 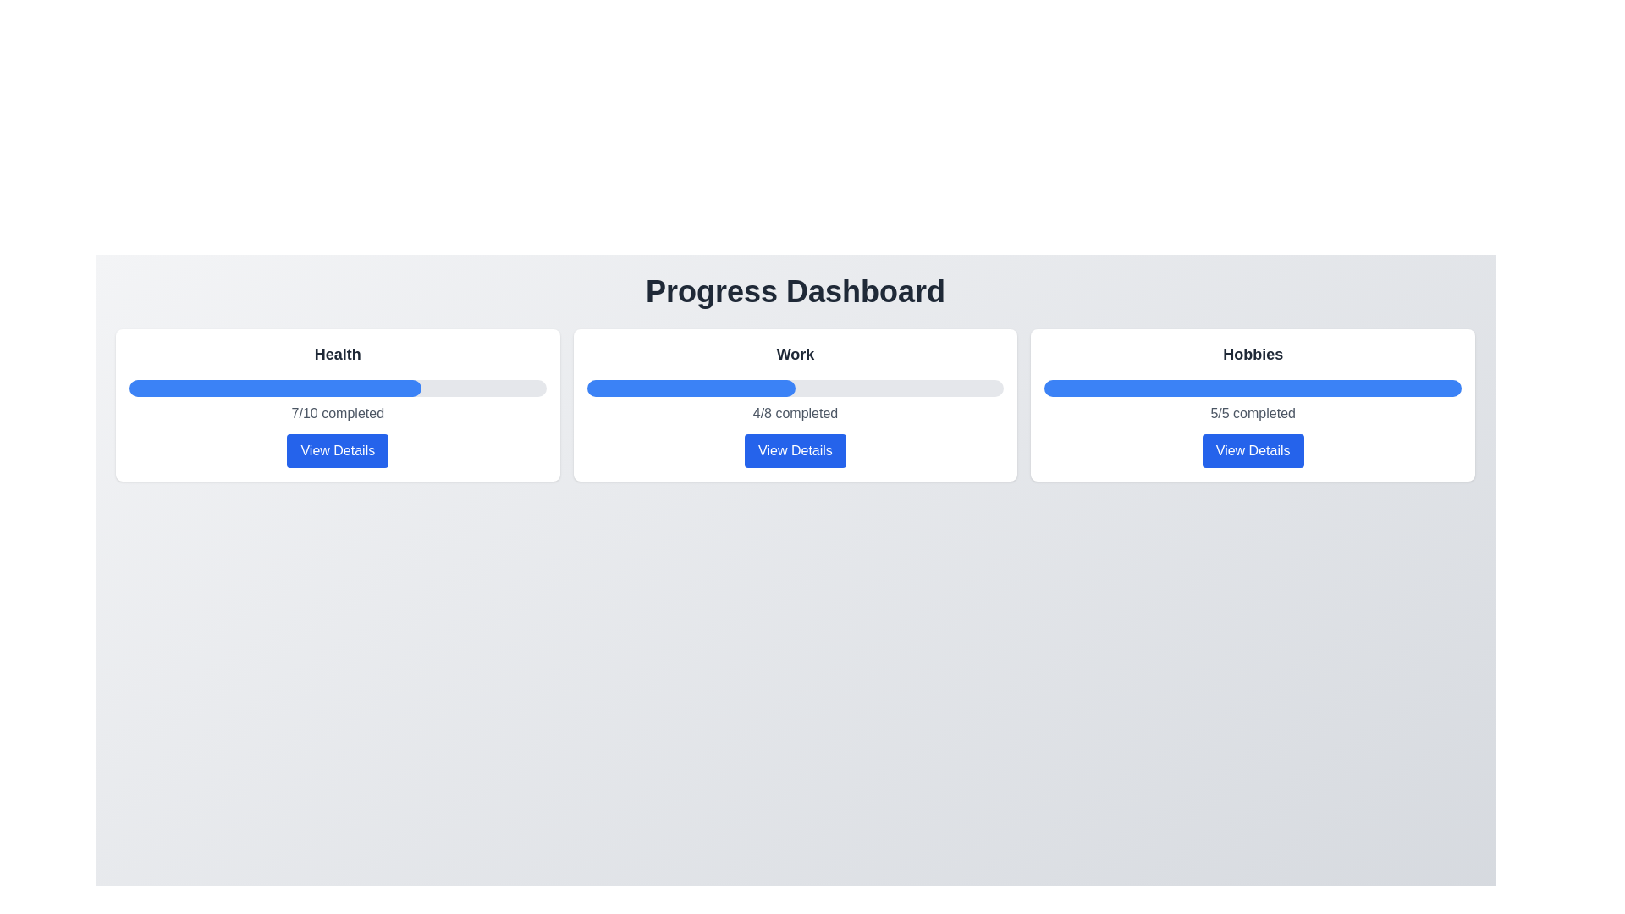 What do you see at coordinates (795, 414) in the screenshot?
I see `the static text displaying '4/8 completed' in gray font, located below the progress bar and above the 'View Details' button in the 'Work' section of the progress card` at bounding box center [795, 414].